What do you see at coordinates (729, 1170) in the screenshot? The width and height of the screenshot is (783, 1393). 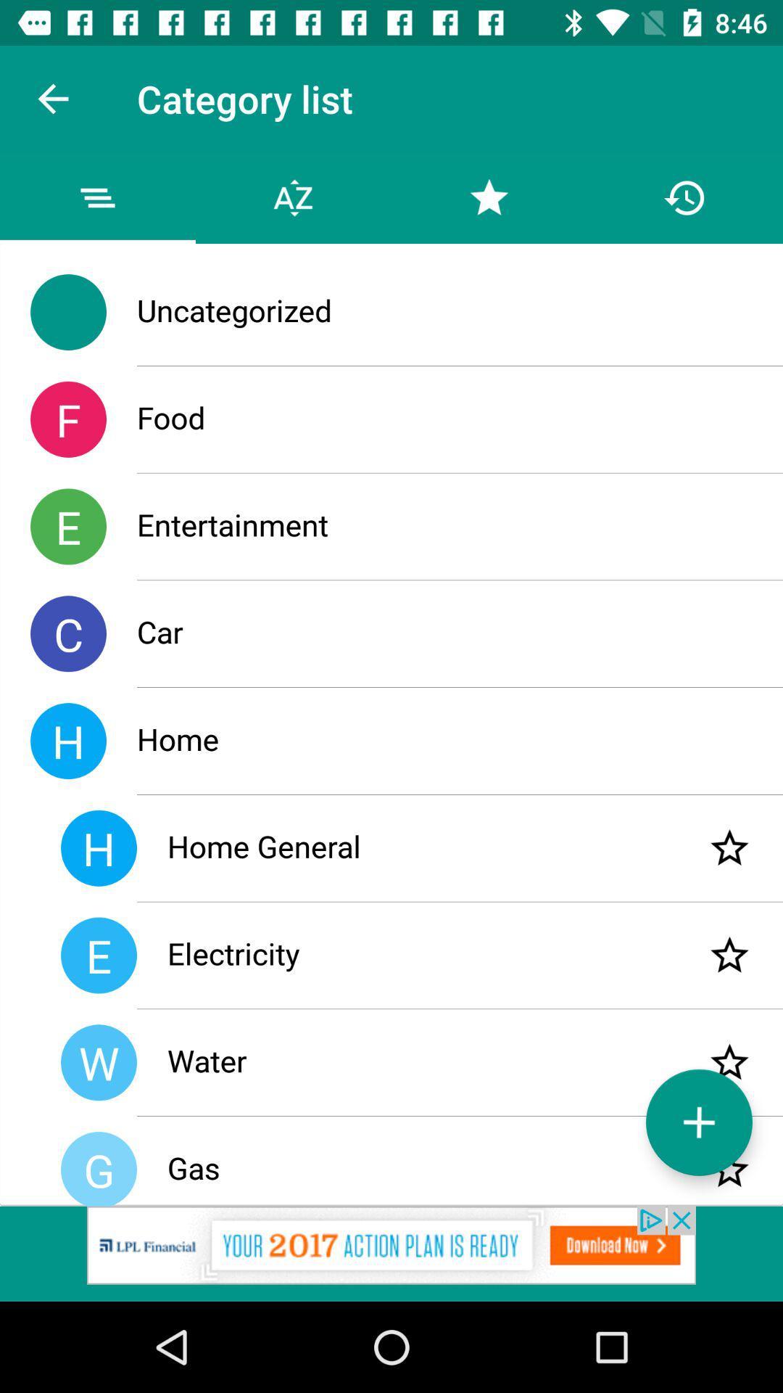 I see `bookmark item` at bounding box center [729, 1170].